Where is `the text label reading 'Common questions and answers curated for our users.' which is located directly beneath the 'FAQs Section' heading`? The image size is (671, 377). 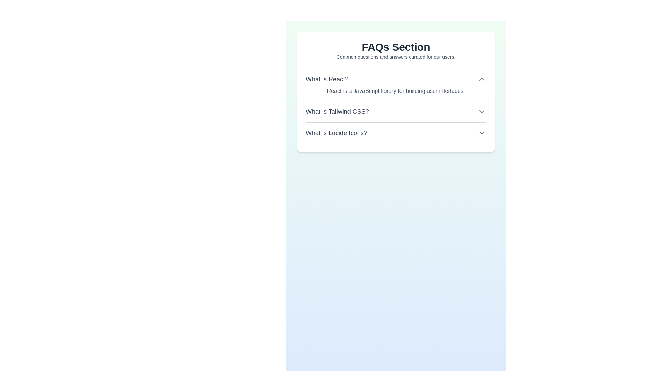 the text label reading 'Common questions and answers curated for our users.' which is located directly beneath the 'FAQs Section' heading is located at coordinates (396, 56).